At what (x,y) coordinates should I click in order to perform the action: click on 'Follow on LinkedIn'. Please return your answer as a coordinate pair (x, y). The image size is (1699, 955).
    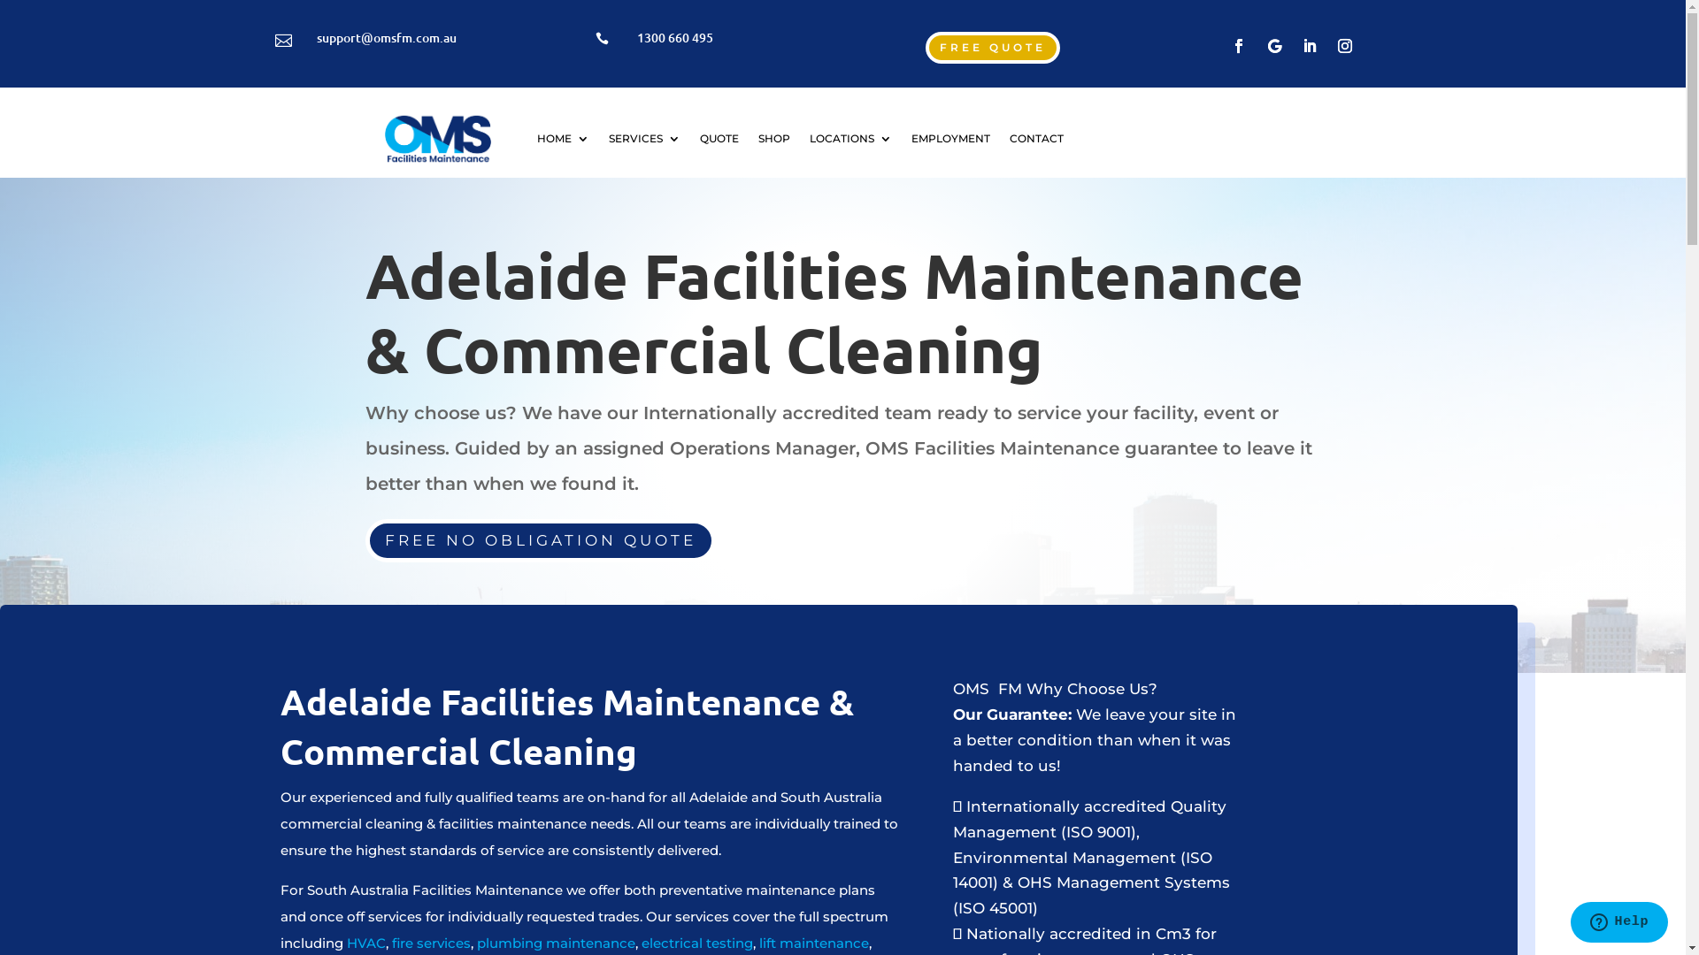
    Looking at the image, I should click on (1295, 44).